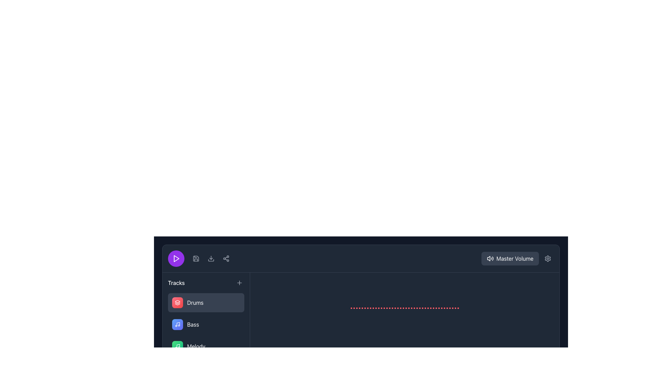 The width and height of the screenshot is (657, 369). I want to click on the music-related control icon located within a rounded button in the top-left corner of the interface, just under the primary navigation bar, so click(177, 324).